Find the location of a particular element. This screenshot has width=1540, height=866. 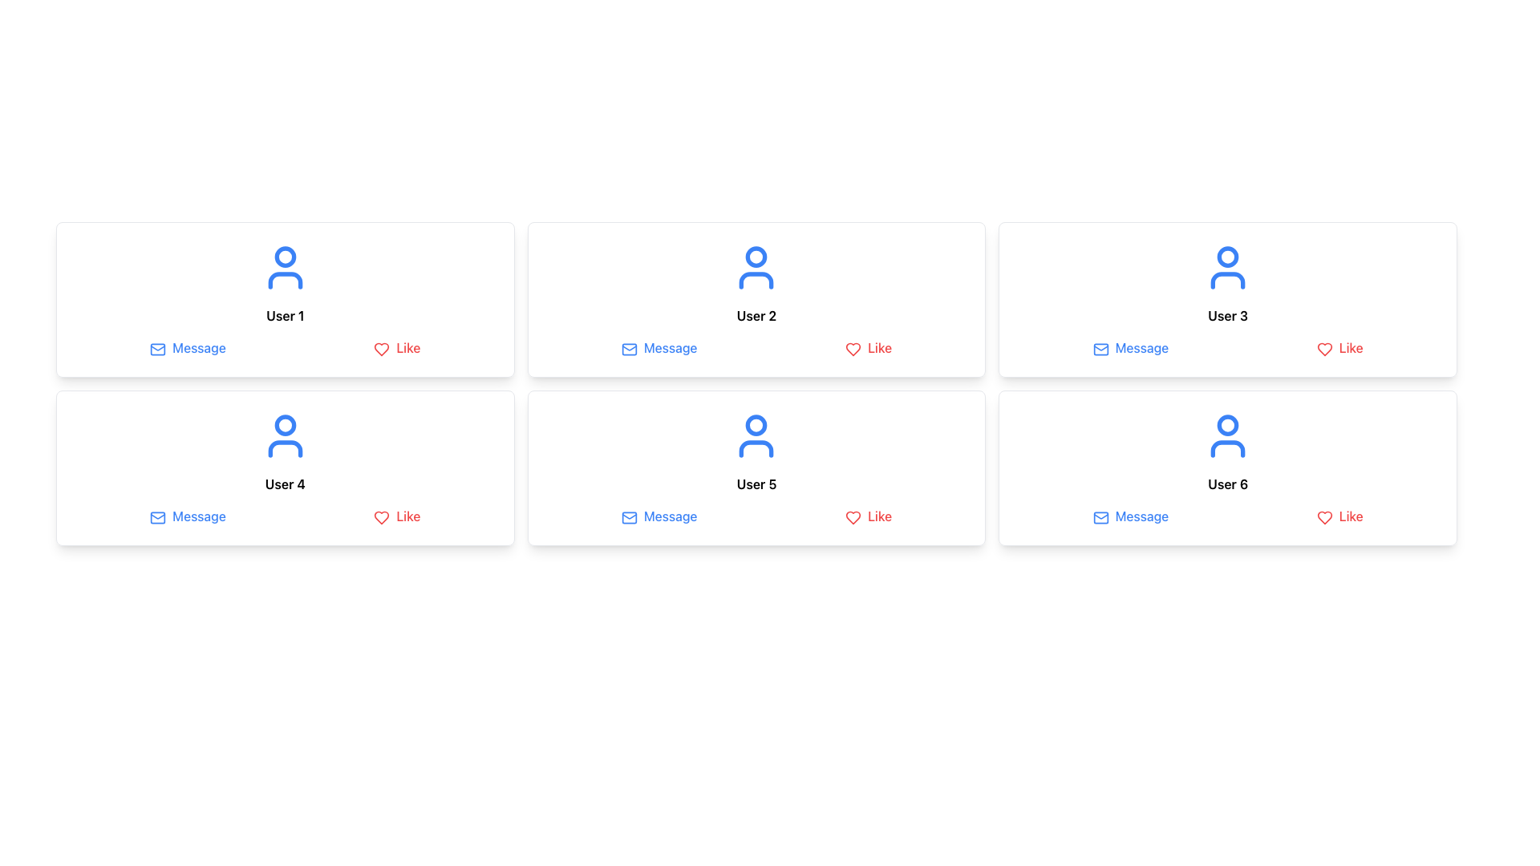

the lower outline of the user icon representing 'User 4' in the card layout is located at coordinates (285, 448).